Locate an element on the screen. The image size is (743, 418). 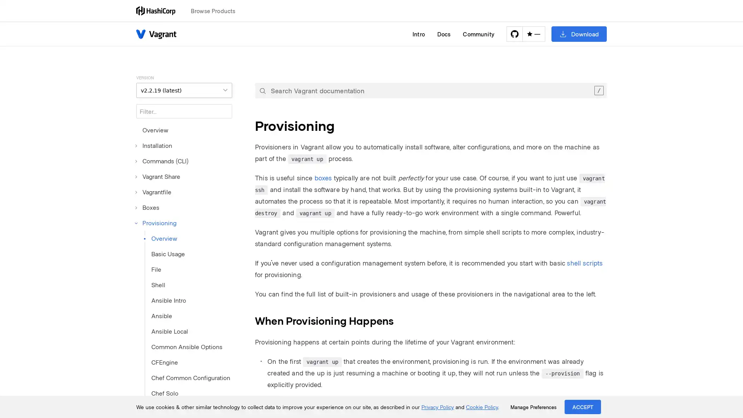
Installation is located at coordinates (154, 145).